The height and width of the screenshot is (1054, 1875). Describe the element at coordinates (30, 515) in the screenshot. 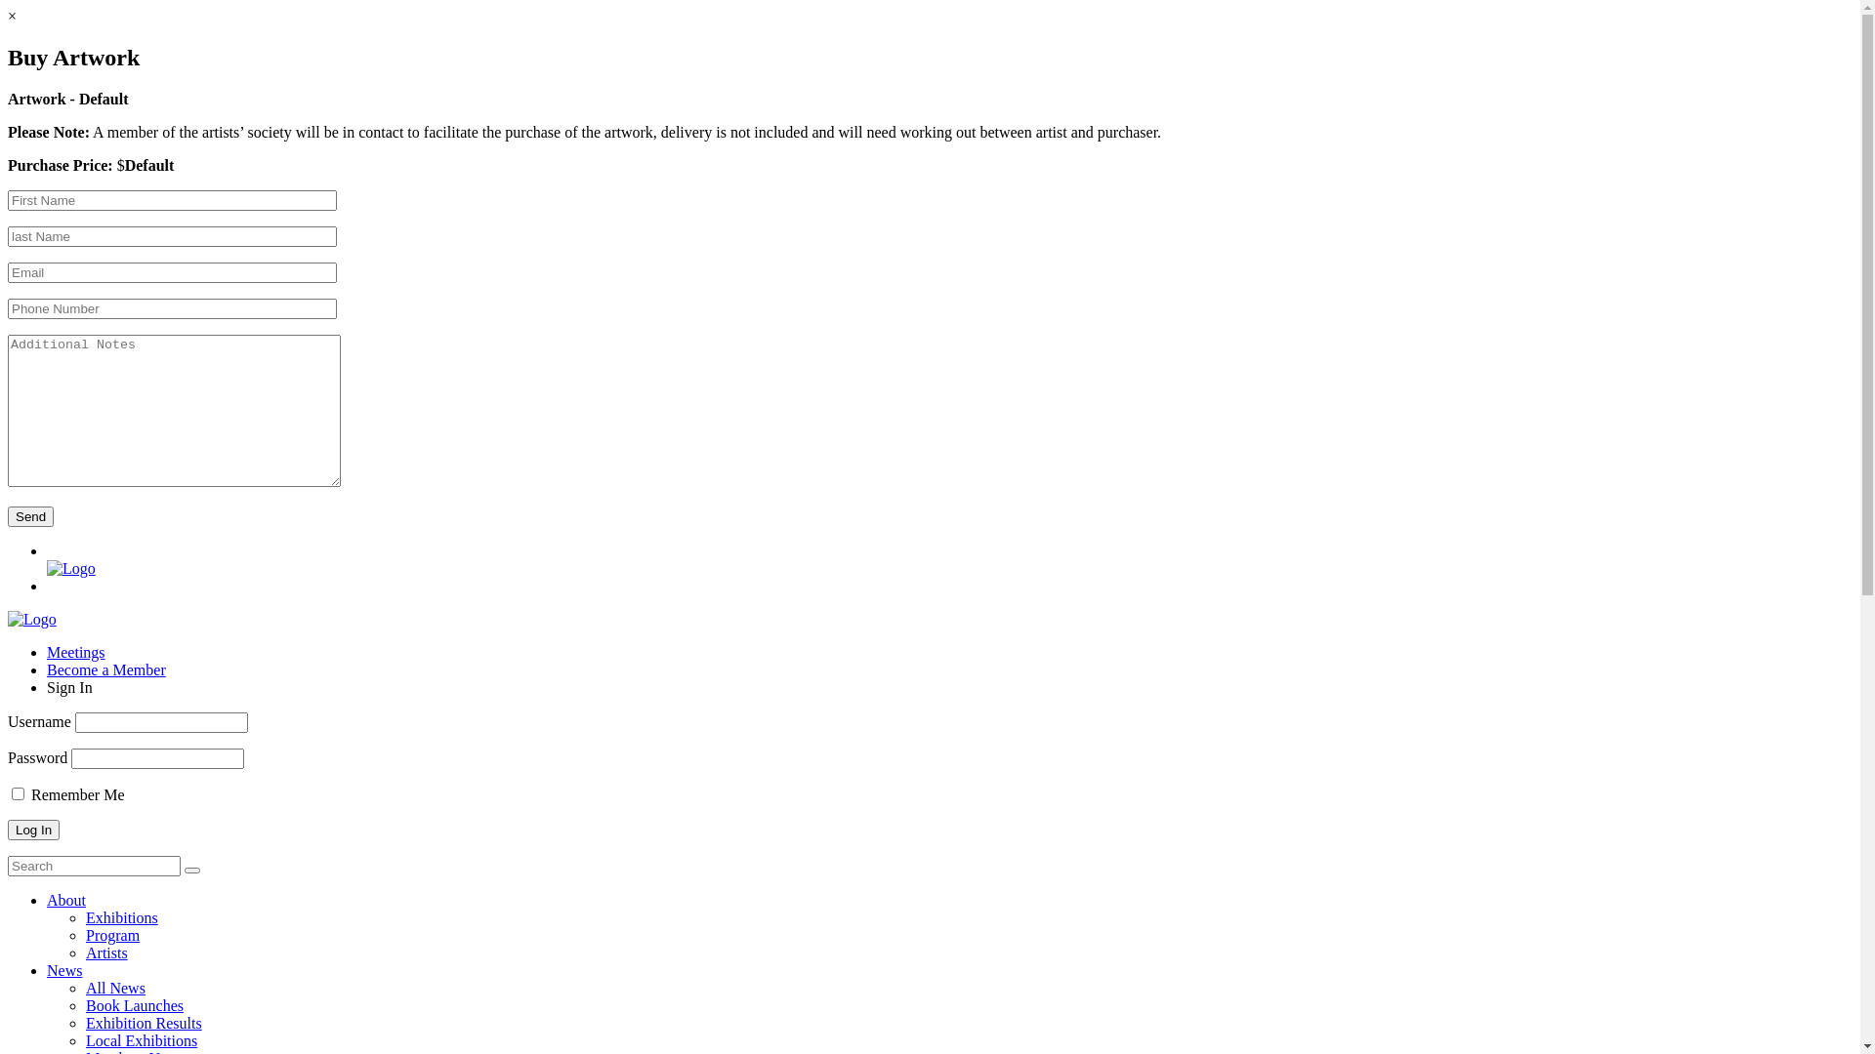

I see `'Send'` at that location.